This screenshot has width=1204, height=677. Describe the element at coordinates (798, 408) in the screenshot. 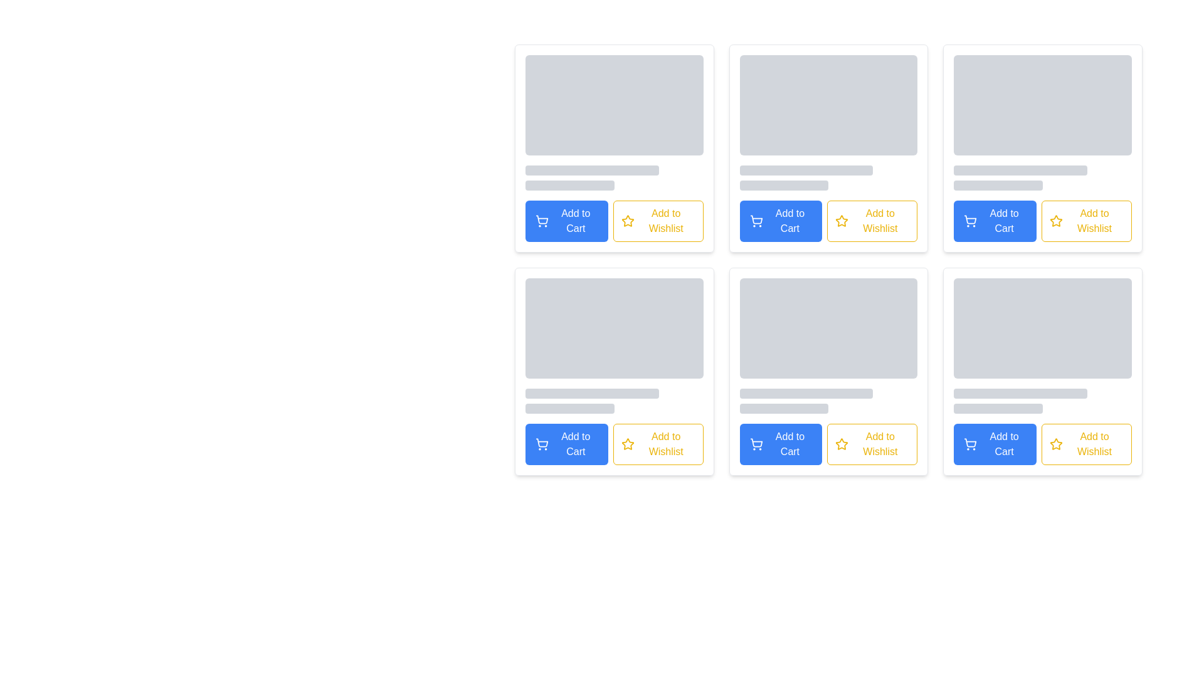

I see `the slider position` at that location.